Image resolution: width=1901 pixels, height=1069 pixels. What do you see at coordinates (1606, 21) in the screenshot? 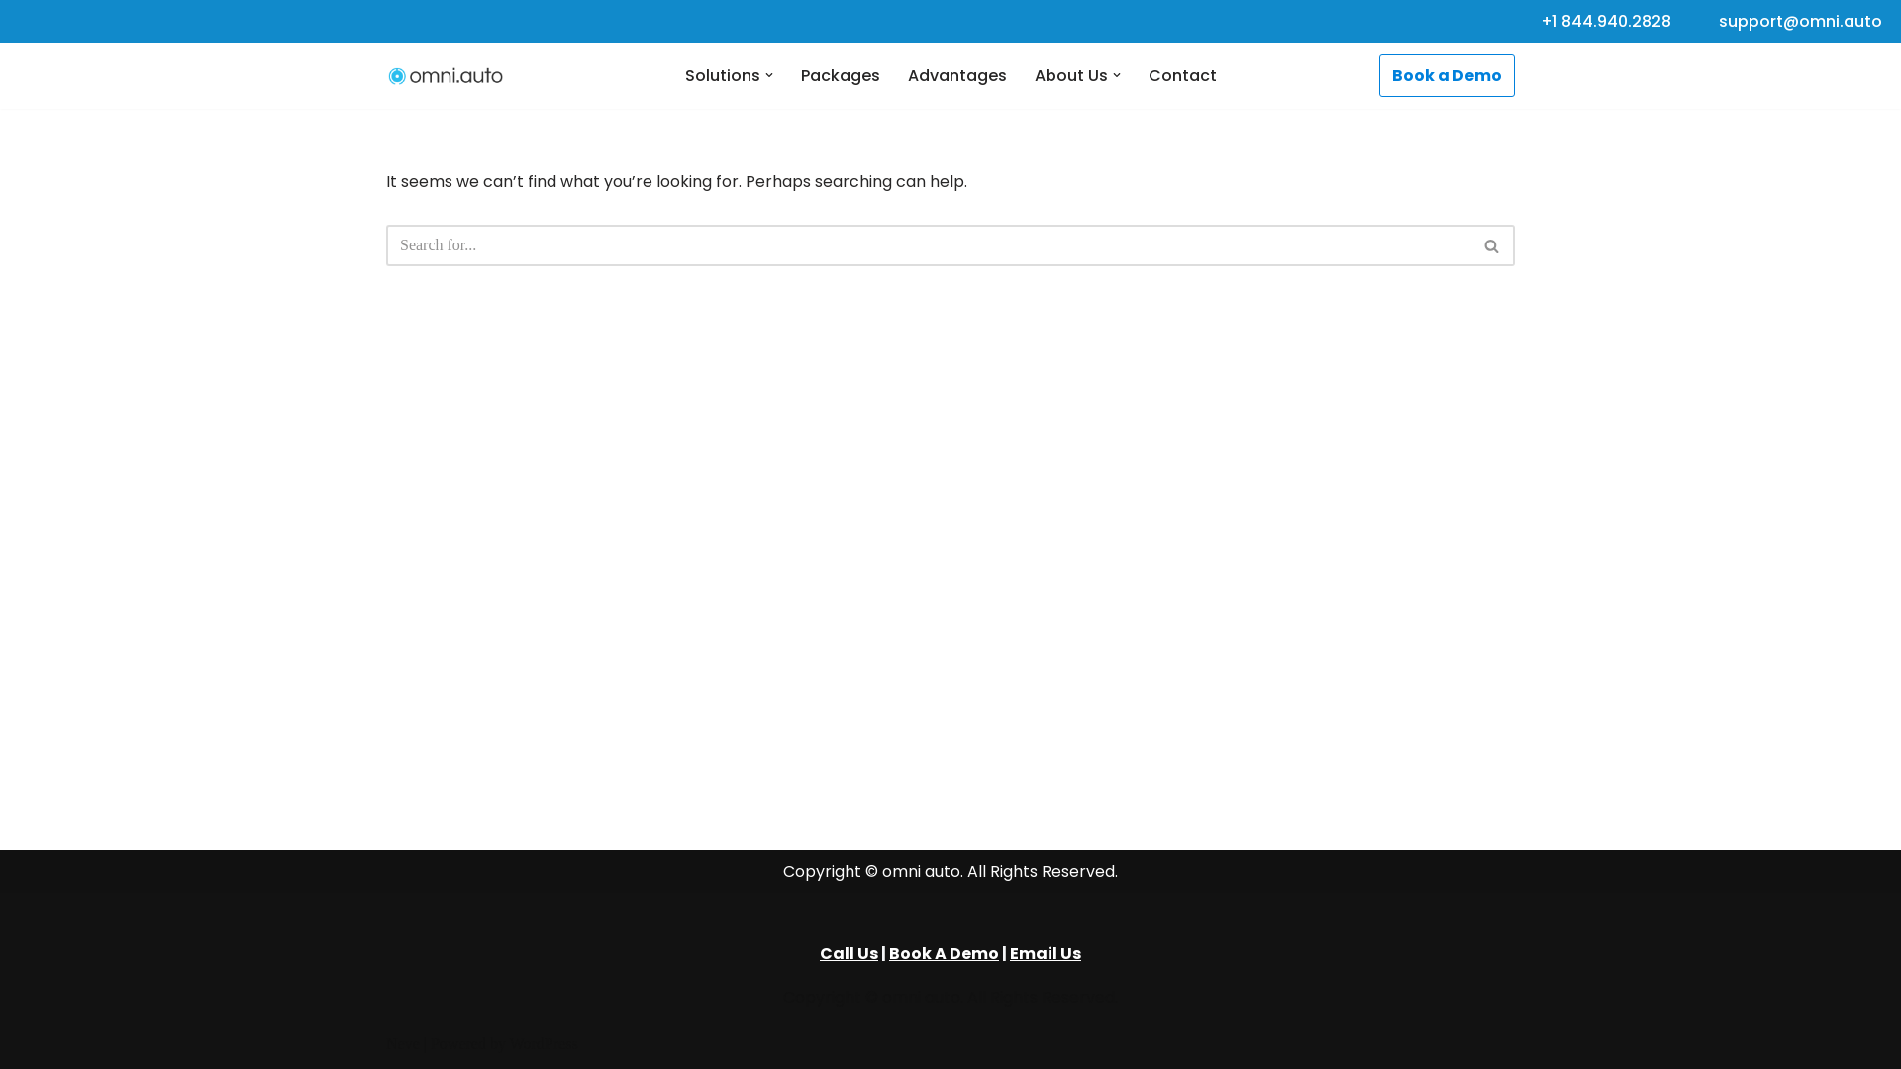
I see `'+1 844.940.2828'` at bounding box center [1606, 21].